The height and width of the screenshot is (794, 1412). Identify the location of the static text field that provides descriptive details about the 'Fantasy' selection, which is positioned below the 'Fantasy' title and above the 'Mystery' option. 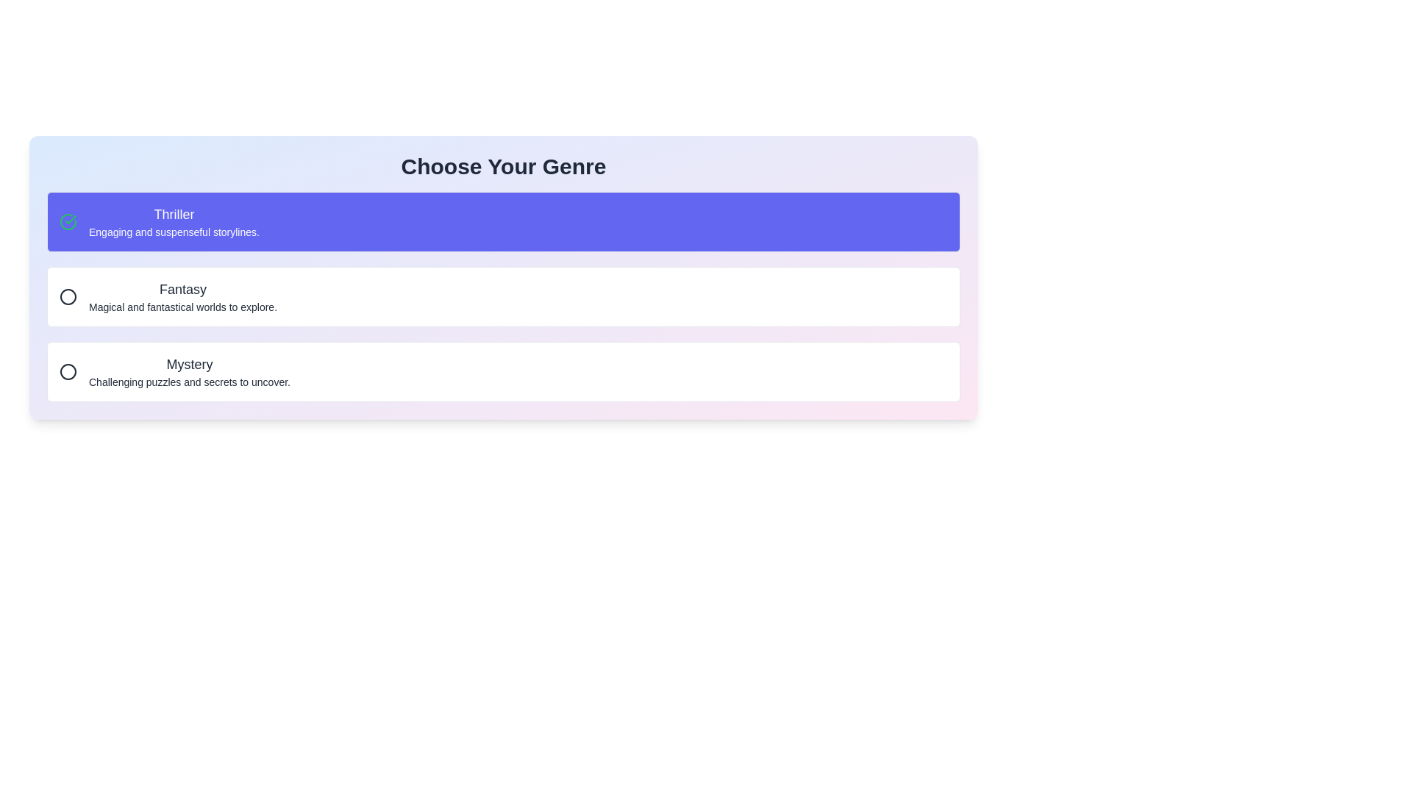
(182, 306).